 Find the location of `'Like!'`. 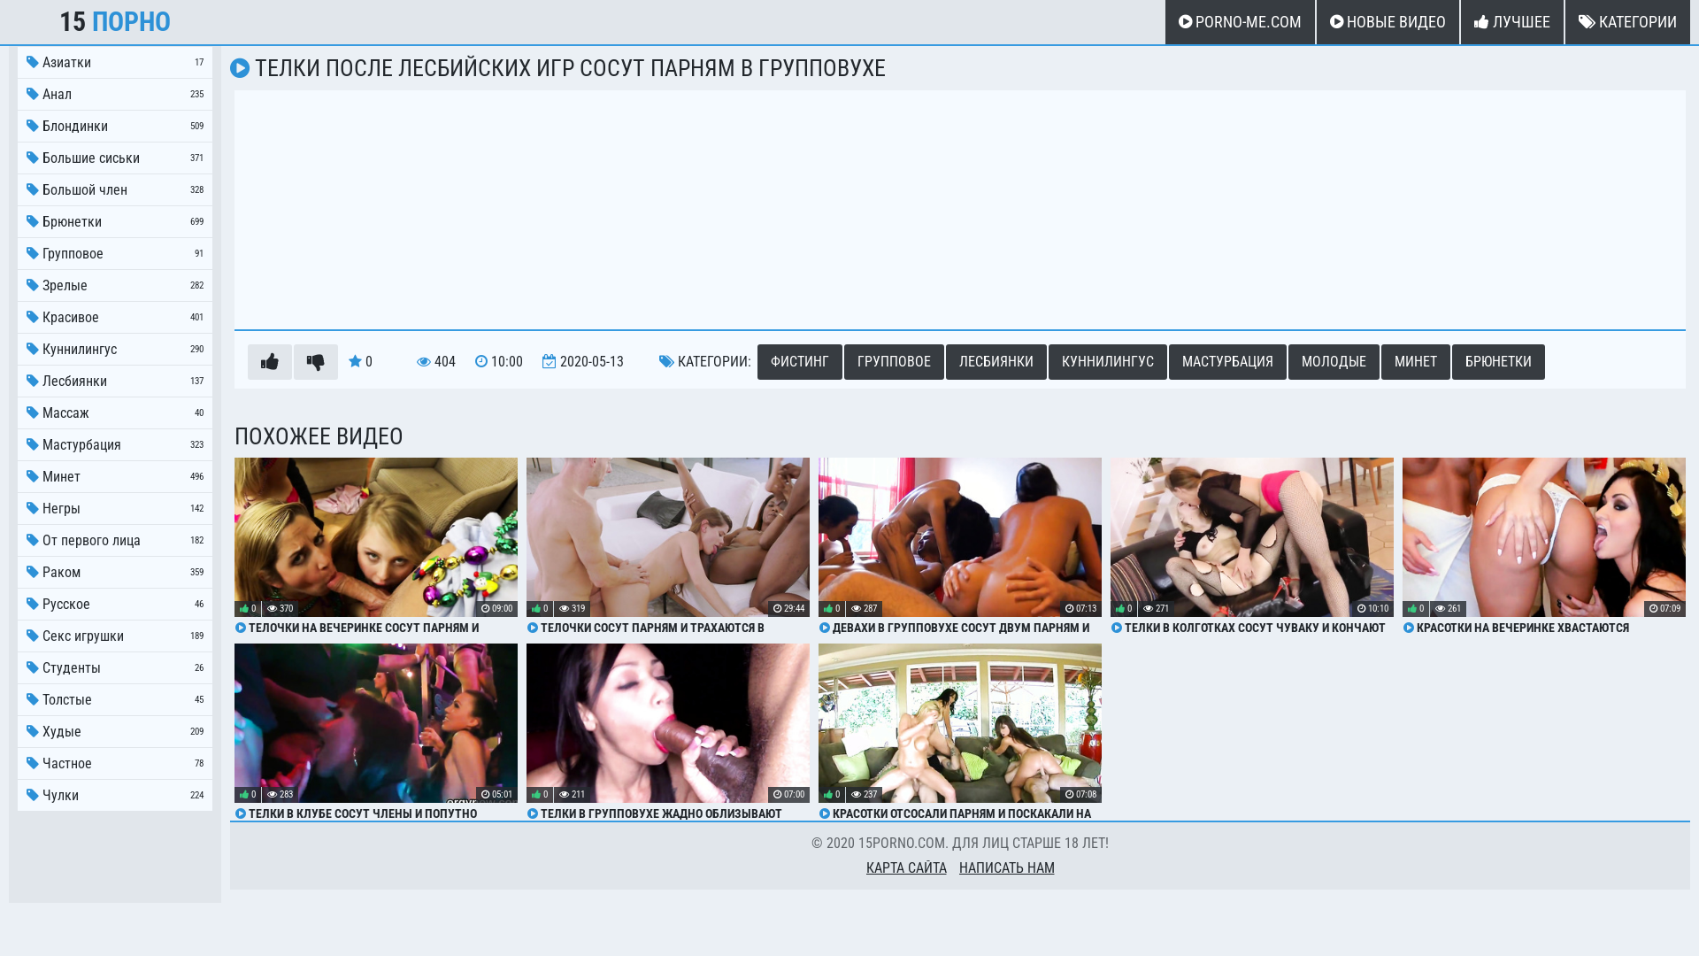

'Like!' is located at coordinates (269, 360).